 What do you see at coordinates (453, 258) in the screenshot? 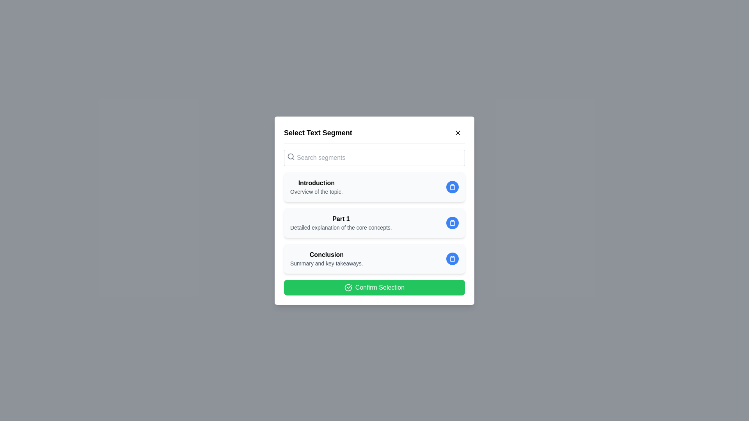
I see `the clipboard icon corresponding to the segment Conclusion to copy its information to the clipboard` at bounding box center [453, 258].